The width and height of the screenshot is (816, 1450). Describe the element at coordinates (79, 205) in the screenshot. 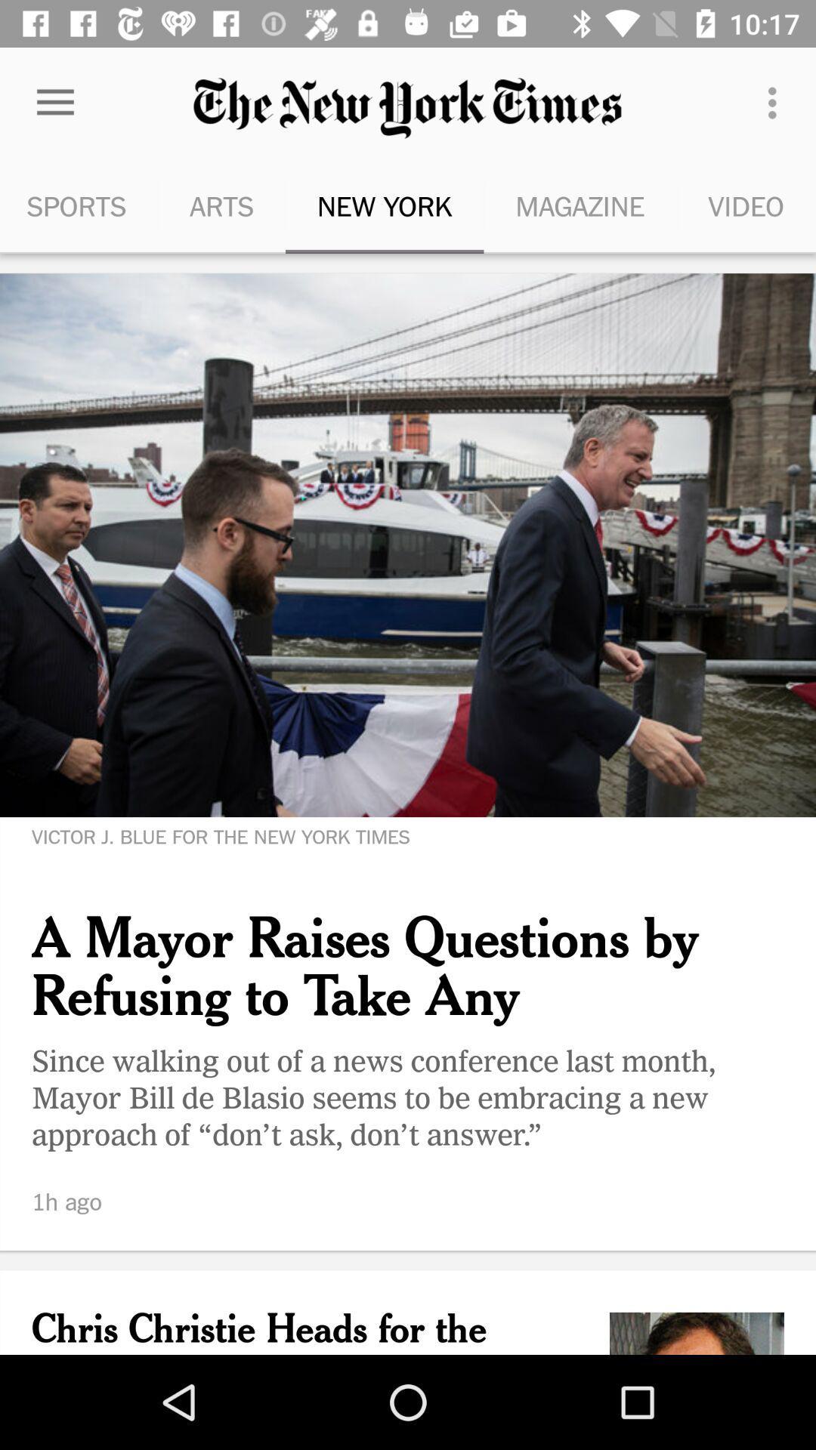

I see `the icon to the left of arts icon` at that location.